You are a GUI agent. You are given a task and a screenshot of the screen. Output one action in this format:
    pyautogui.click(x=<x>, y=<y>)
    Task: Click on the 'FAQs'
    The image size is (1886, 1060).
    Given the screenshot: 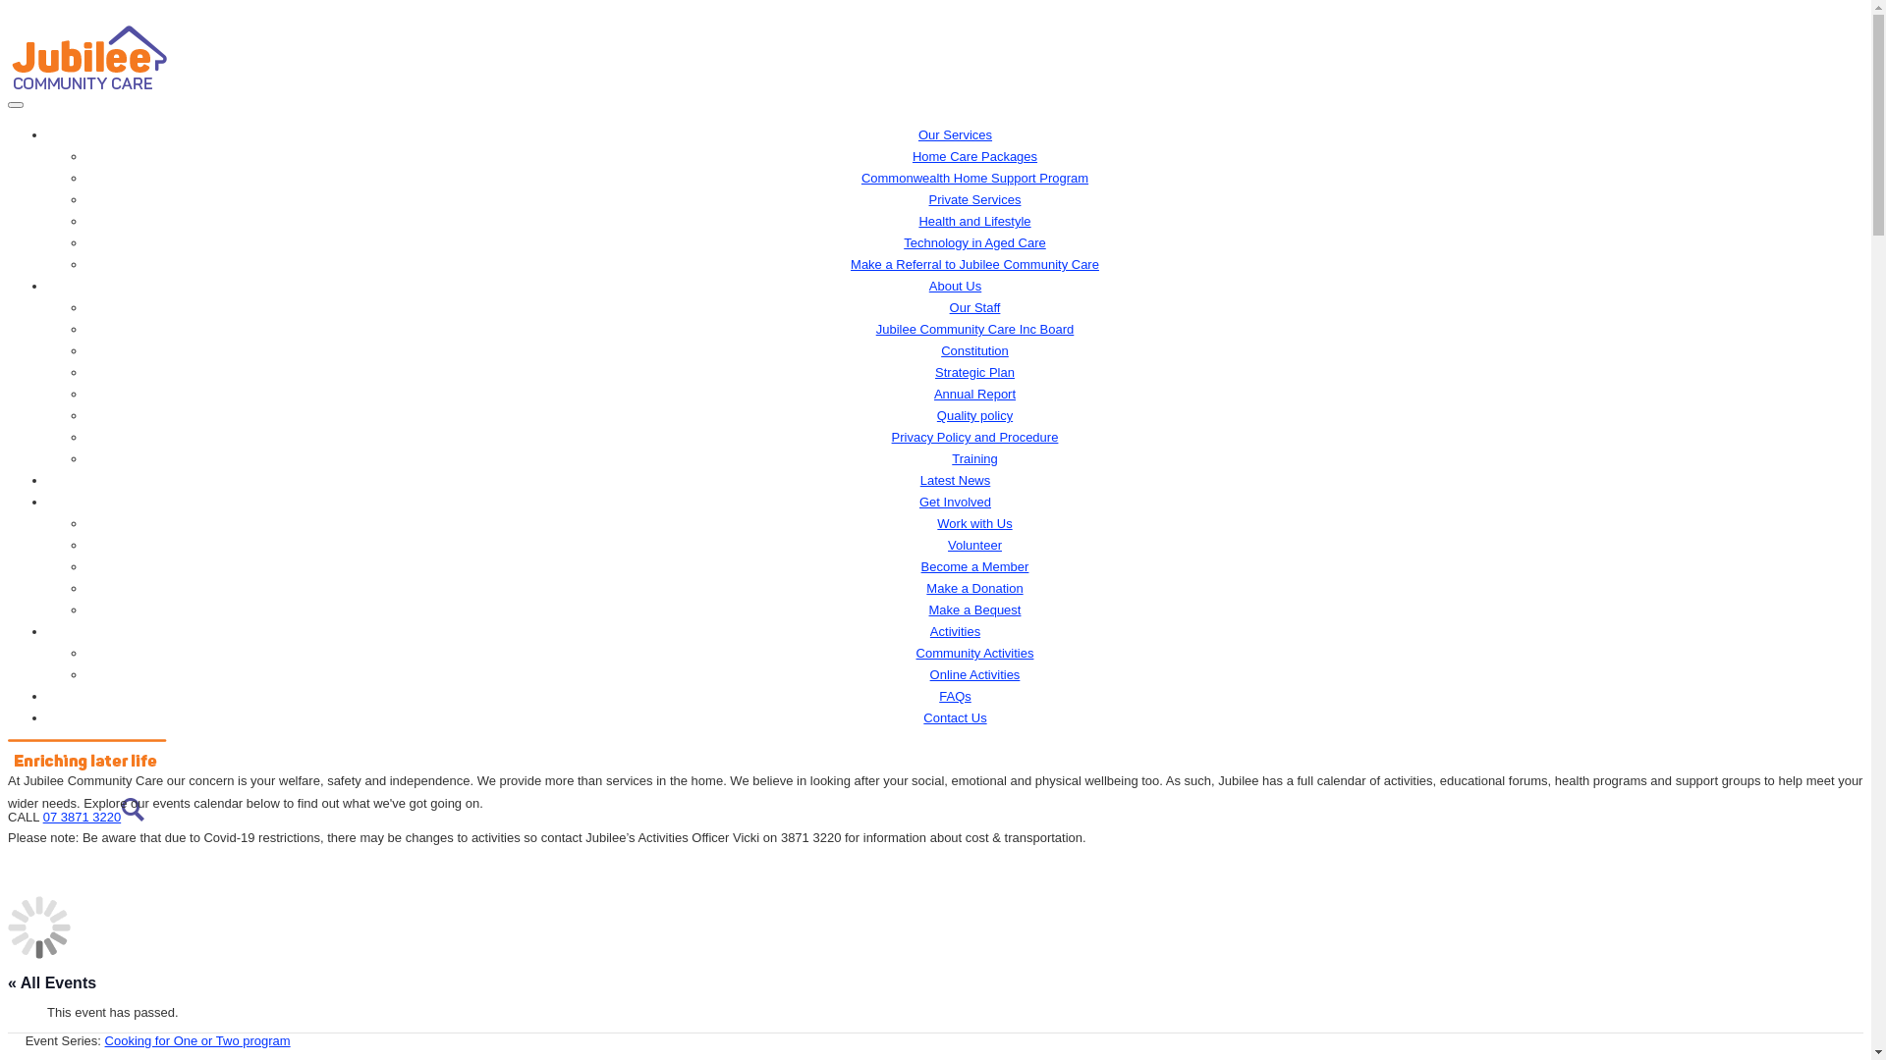 What is the action you would take?
    pyautogui.click(x=937, y=695)
    